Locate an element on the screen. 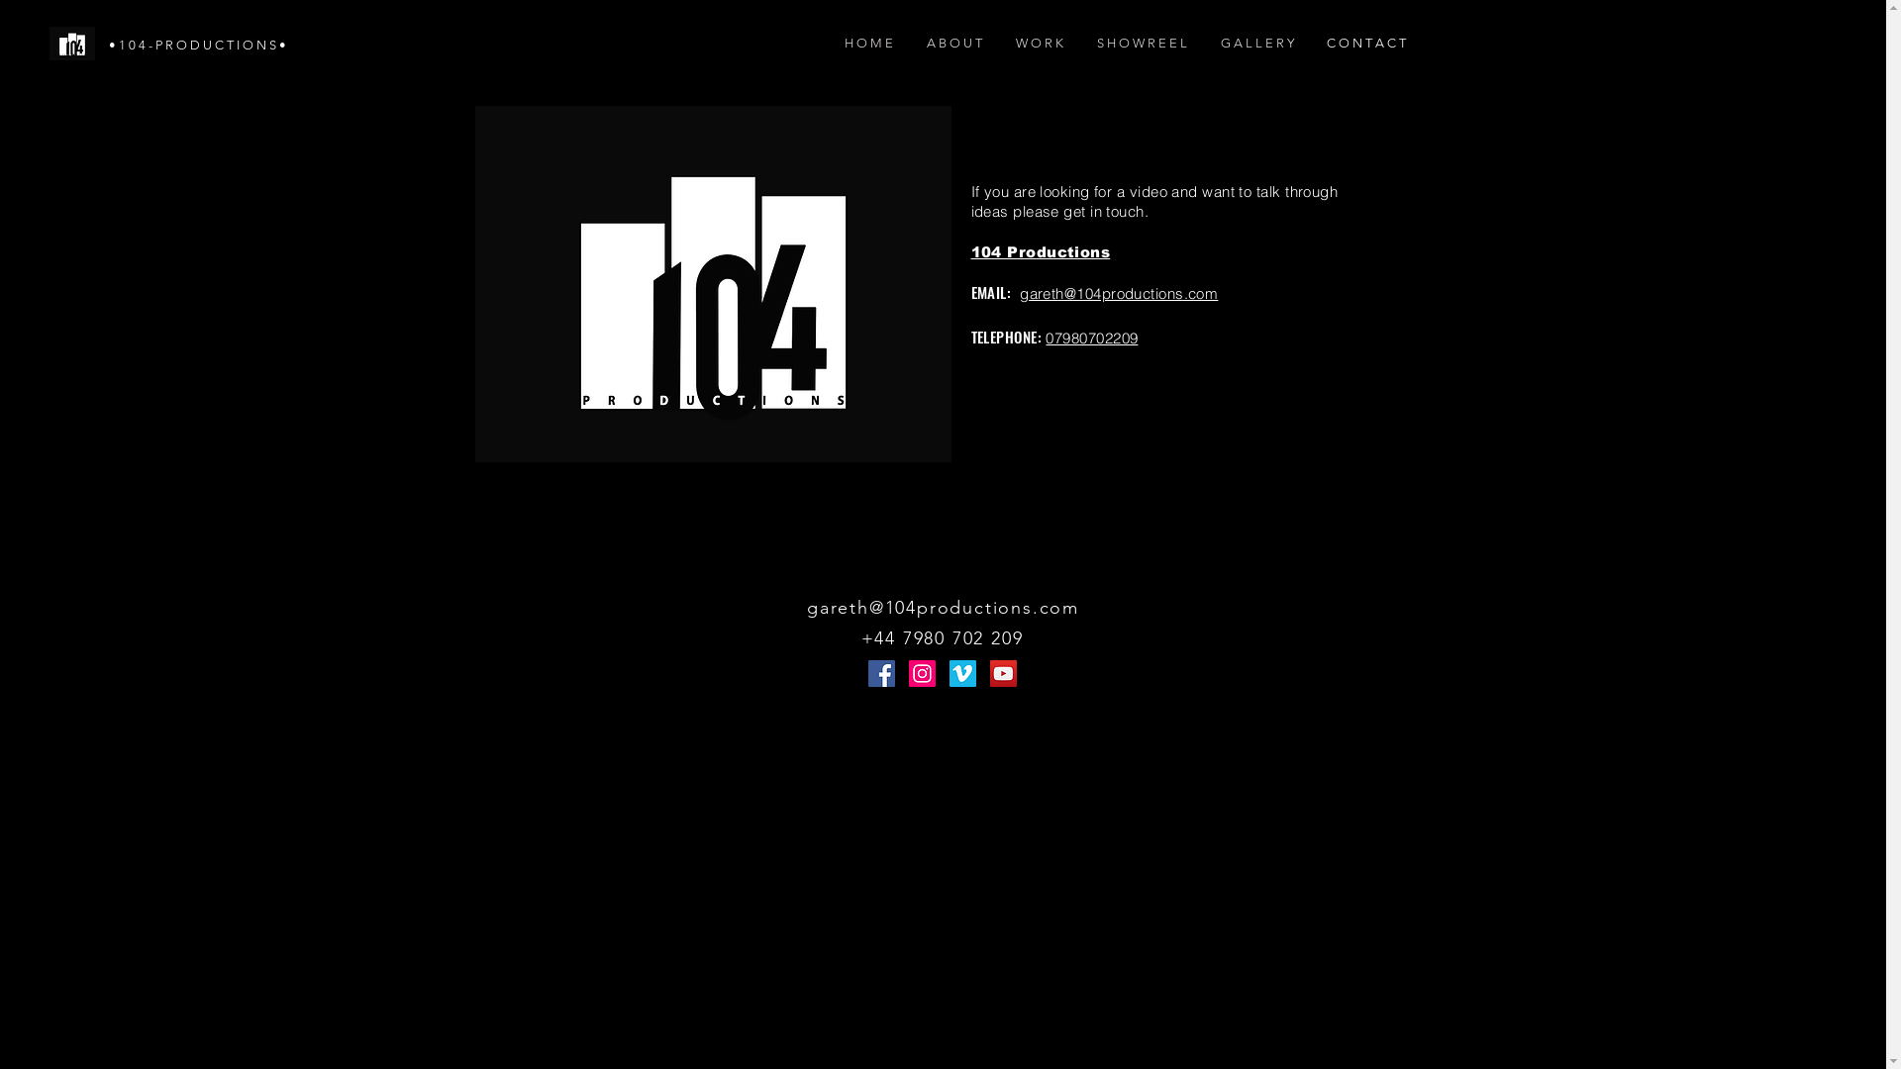 This screenshot has width=1901, height=1069. 'G A L L E R Y' is located at coordinates (1202, 43).